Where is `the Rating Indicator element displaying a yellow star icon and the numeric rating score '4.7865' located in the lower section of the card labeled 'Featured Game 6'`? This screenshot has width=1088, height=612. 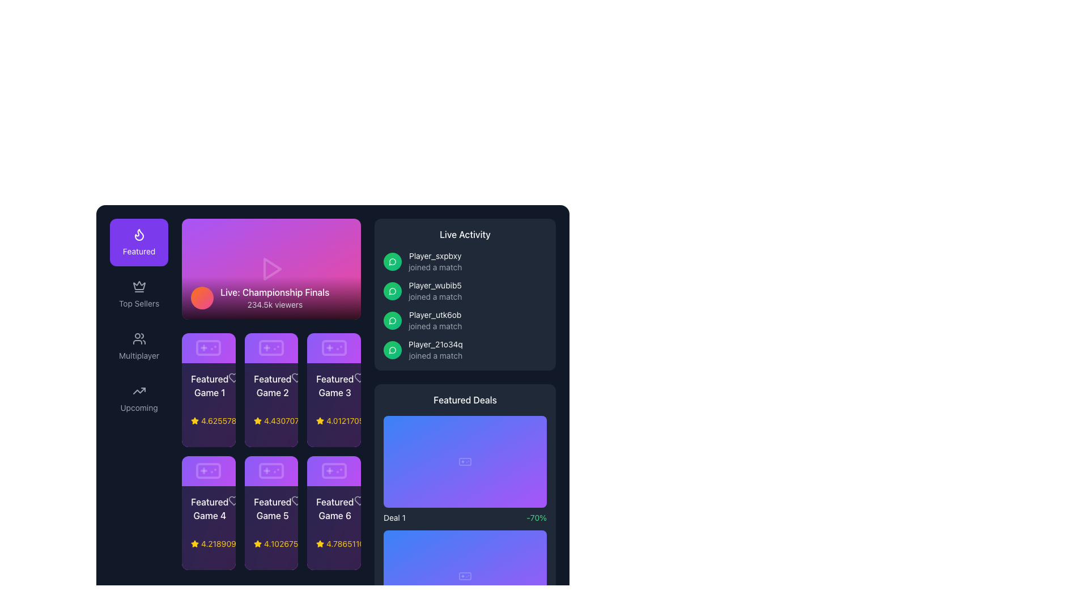 the Rating Indicator element displaying a yellow star icon and the numeric rating score '4.7865' located in the lower section of the card labeled 'Featured Game 6' is located at coordinates (333, 543).